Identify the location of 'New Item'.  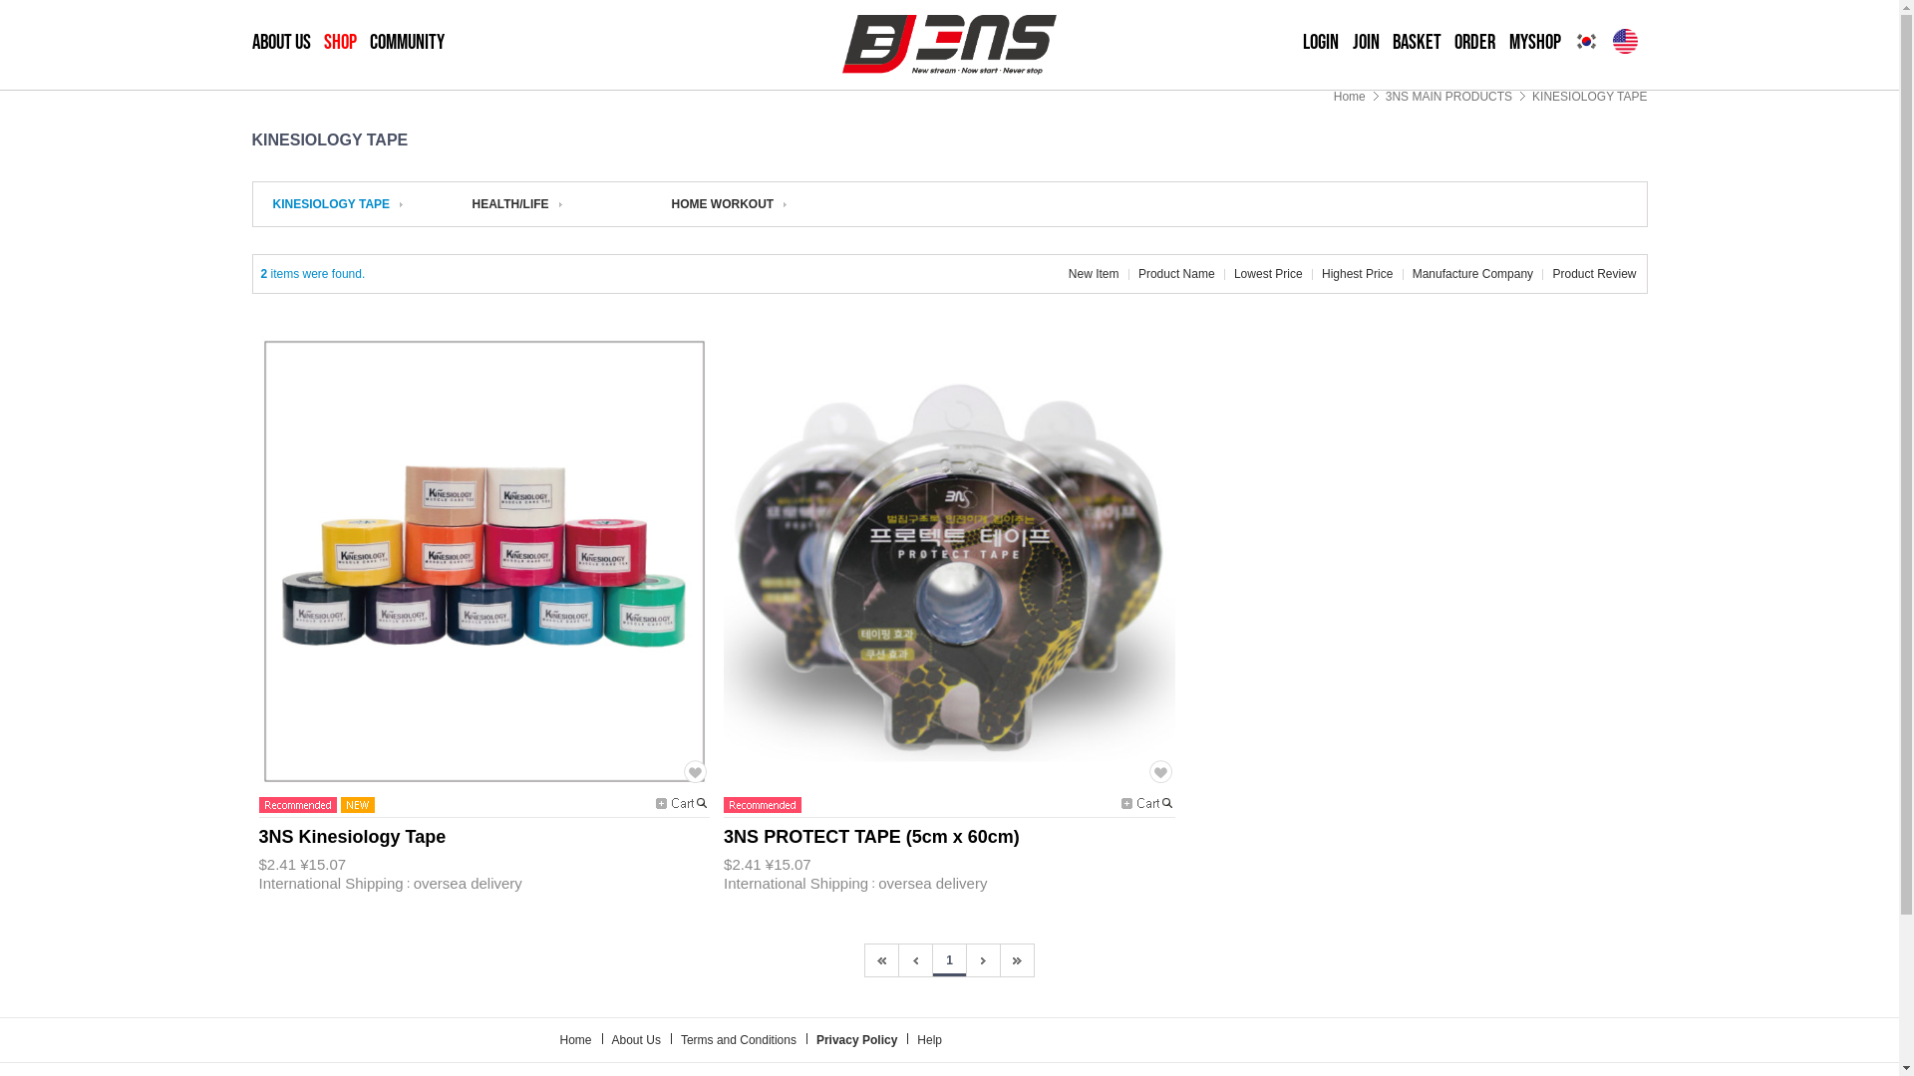
(1093, 273).